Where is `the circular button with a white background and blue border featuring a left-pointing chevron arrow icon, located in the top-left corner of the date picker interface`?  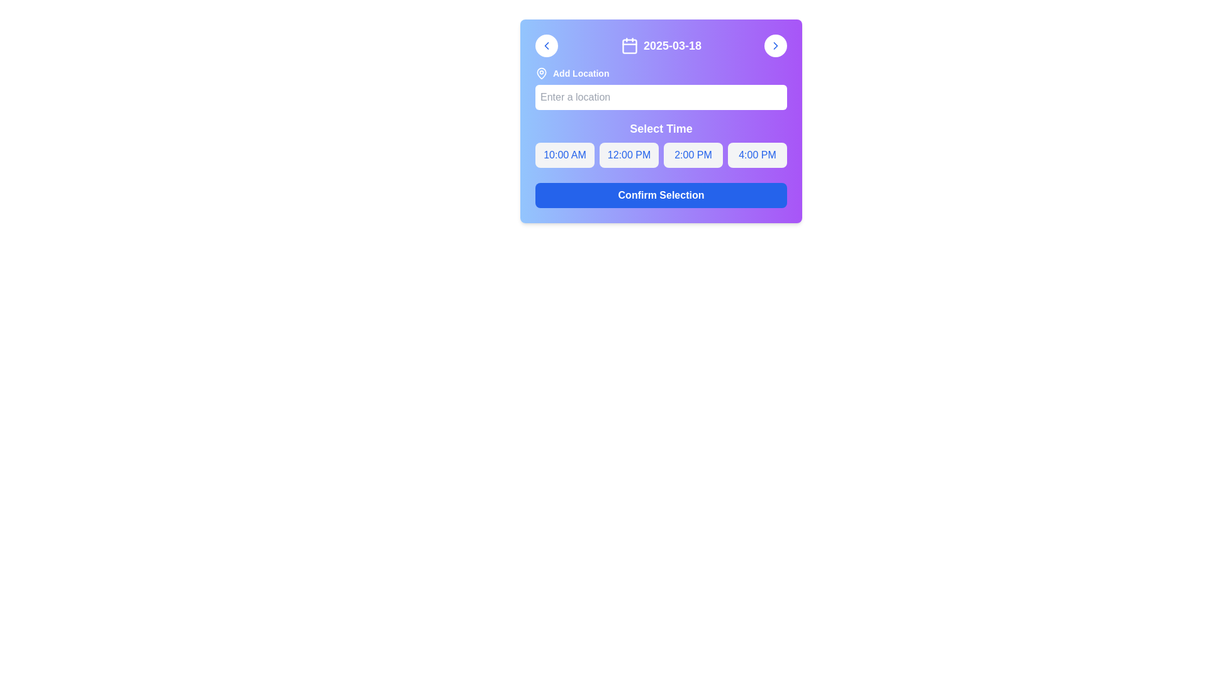
the circular button with a white background and blue border featuring a left-pointing chevron arrow icon, located in the top-left corner of the date picker interface is located at coordinates (546, 45).